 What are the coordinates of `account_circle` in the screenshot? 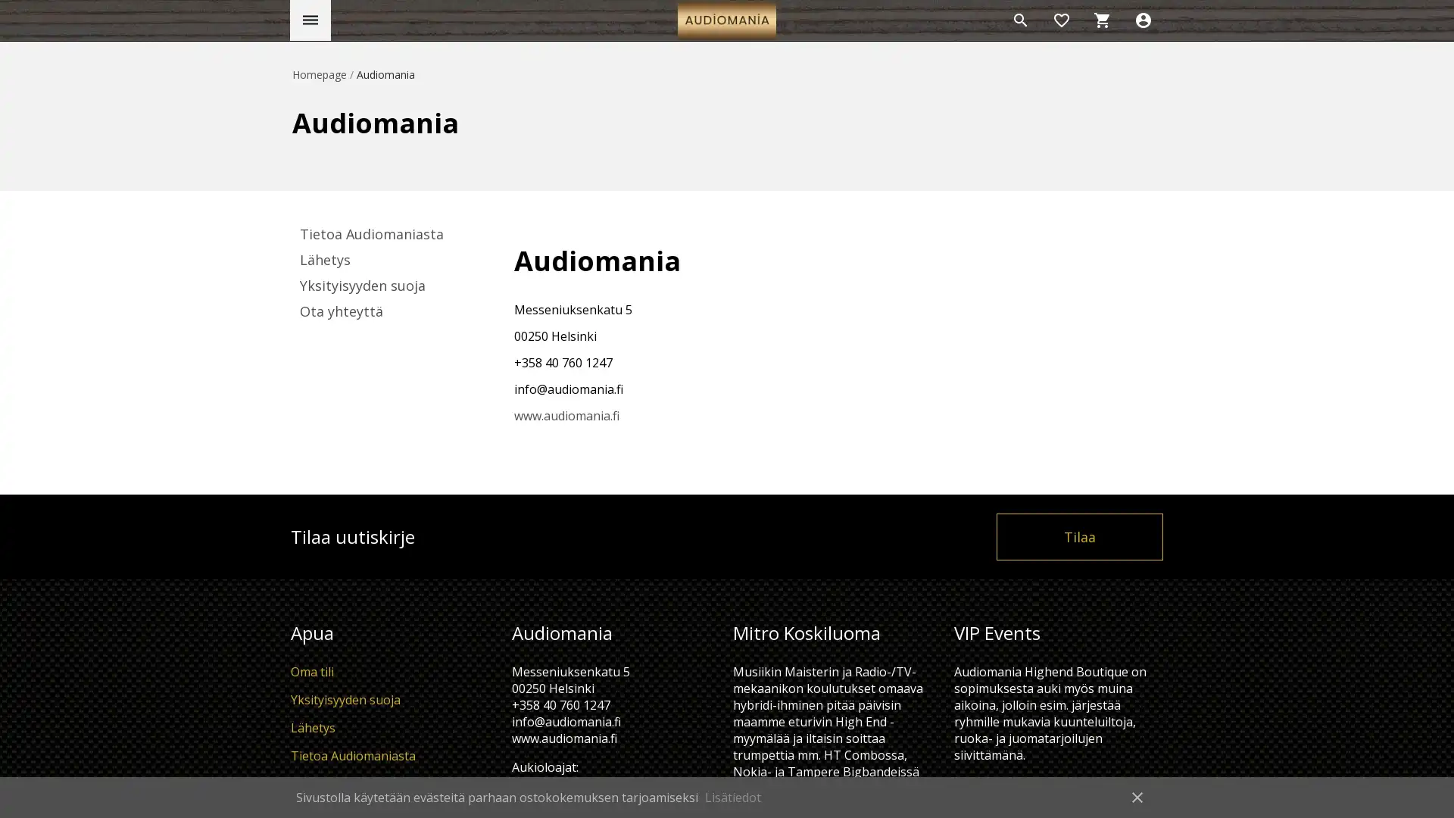 It's located at (1144, 20).